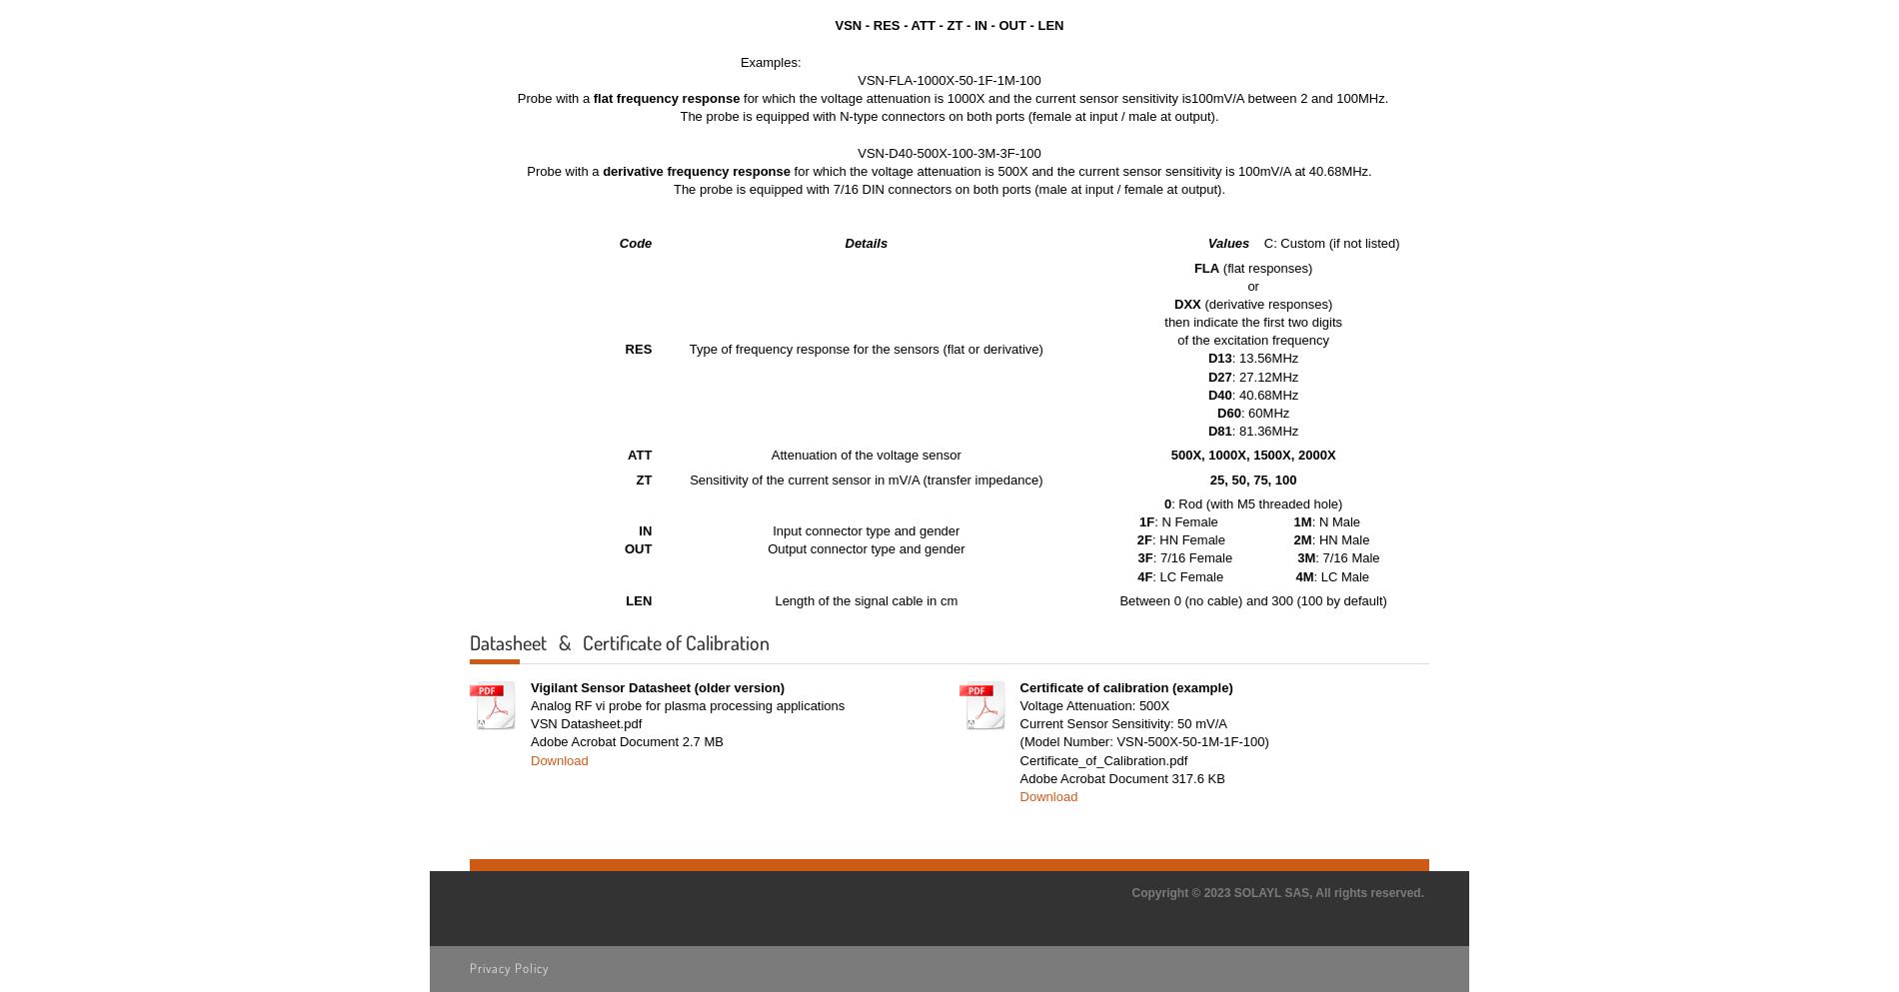  Describe the element at coordinates (1136, 556) in the screenshot. I see `'3F'` at that location.